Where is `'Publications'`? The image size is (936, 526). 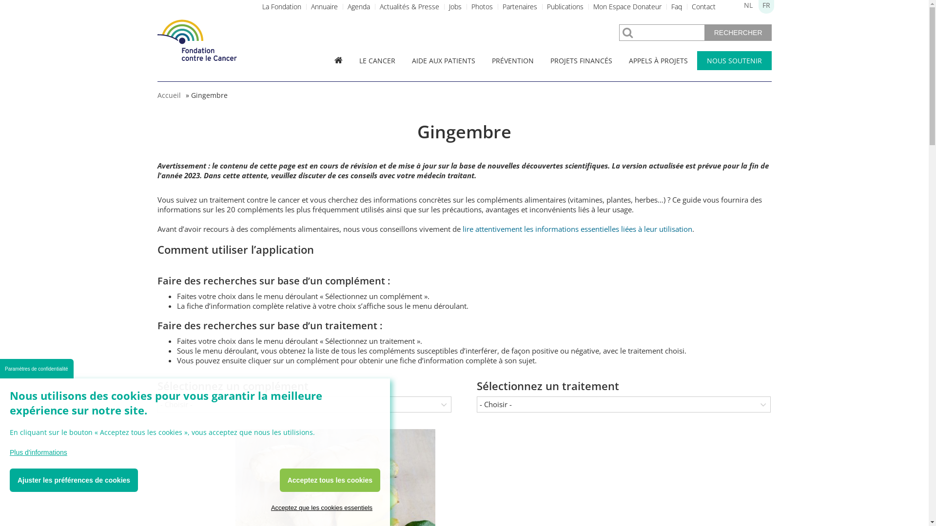 'Publications' is located at coordinates (565, 6).